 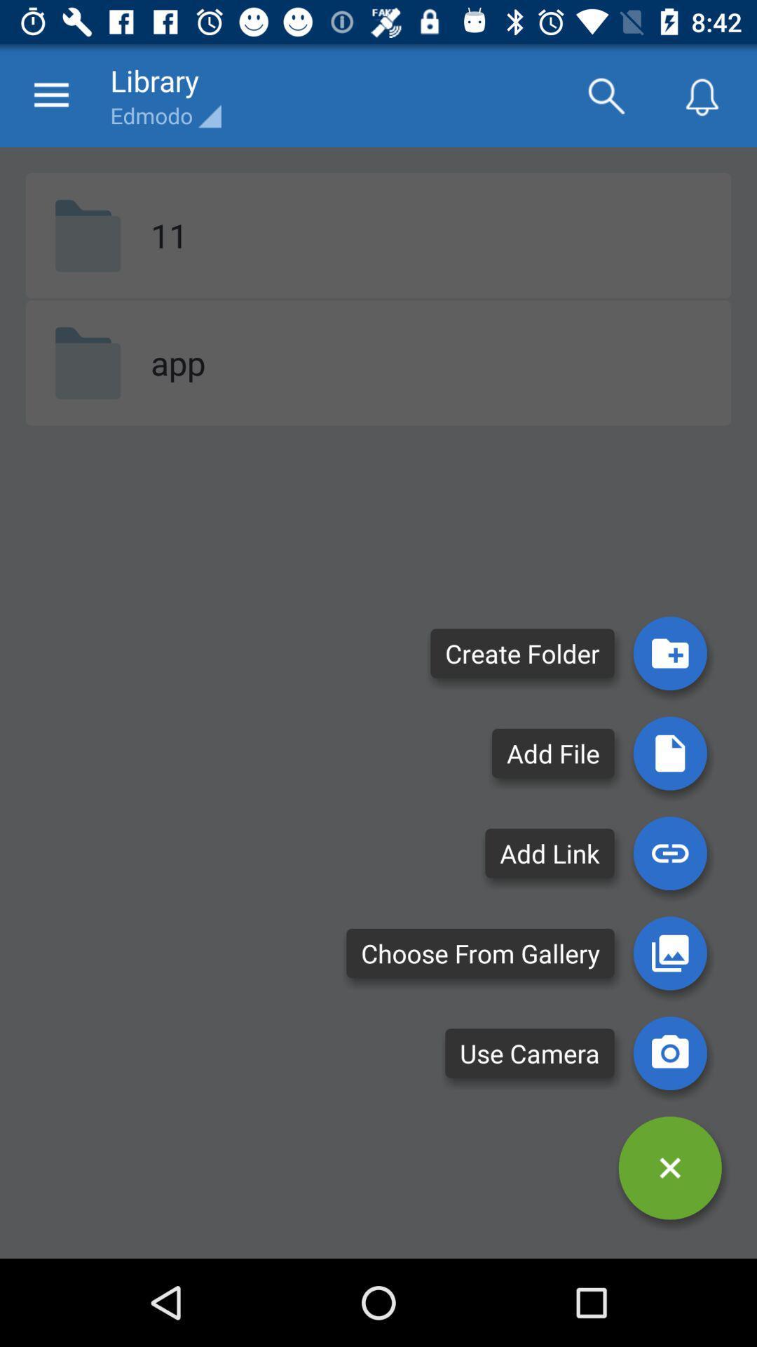 What do you see at coordinates (669, 953) in the screenshot?
I see `choose an image from gallery` at bounding box center [669, 953].